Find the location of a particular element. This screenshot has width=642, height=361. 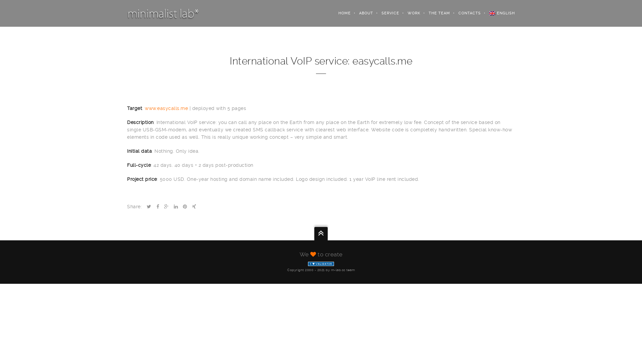

'WORK' is located at coordinates (409, 13).